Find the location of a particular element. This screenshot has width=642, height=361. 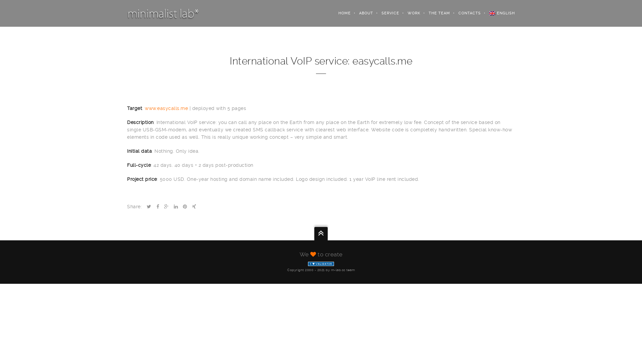

'WORK' is located at coordinates (409, 13).